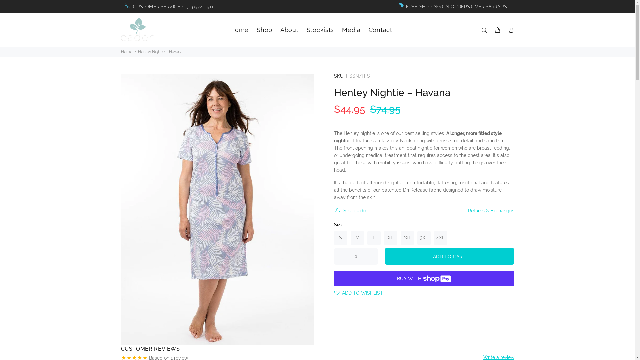  I want to click on 'S', so click(334, 237).